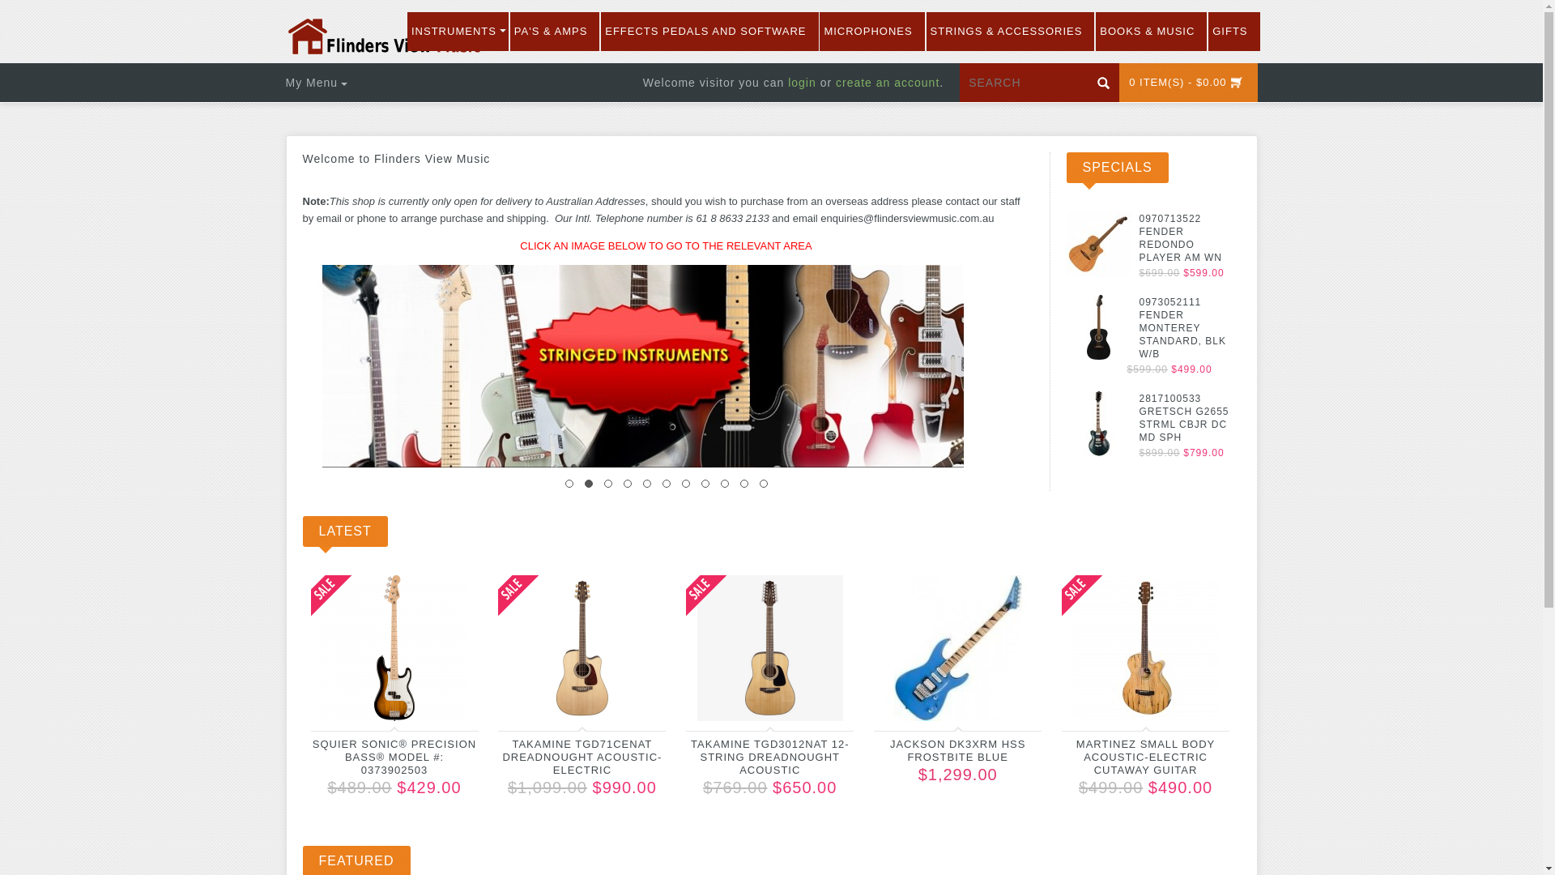  I want to click on 'create an account', so click(886, 82).